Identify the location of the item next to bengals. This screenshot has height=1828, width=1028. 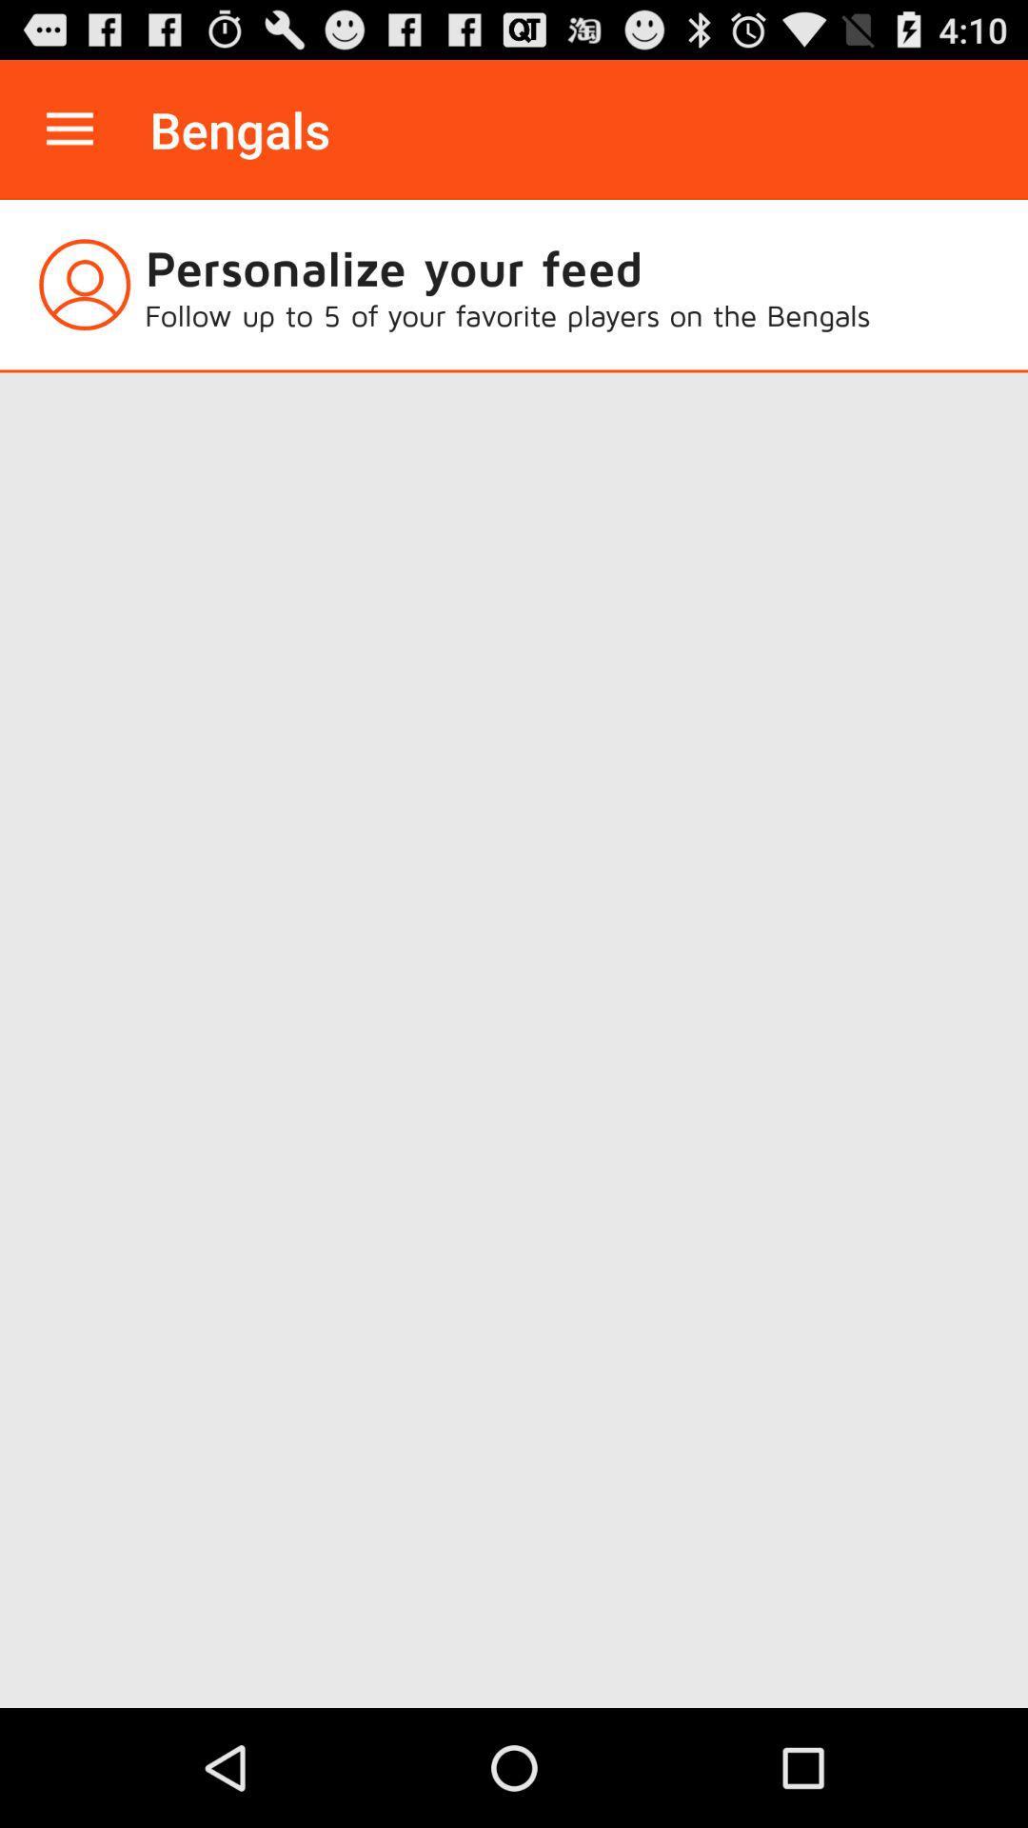
(69, 129).